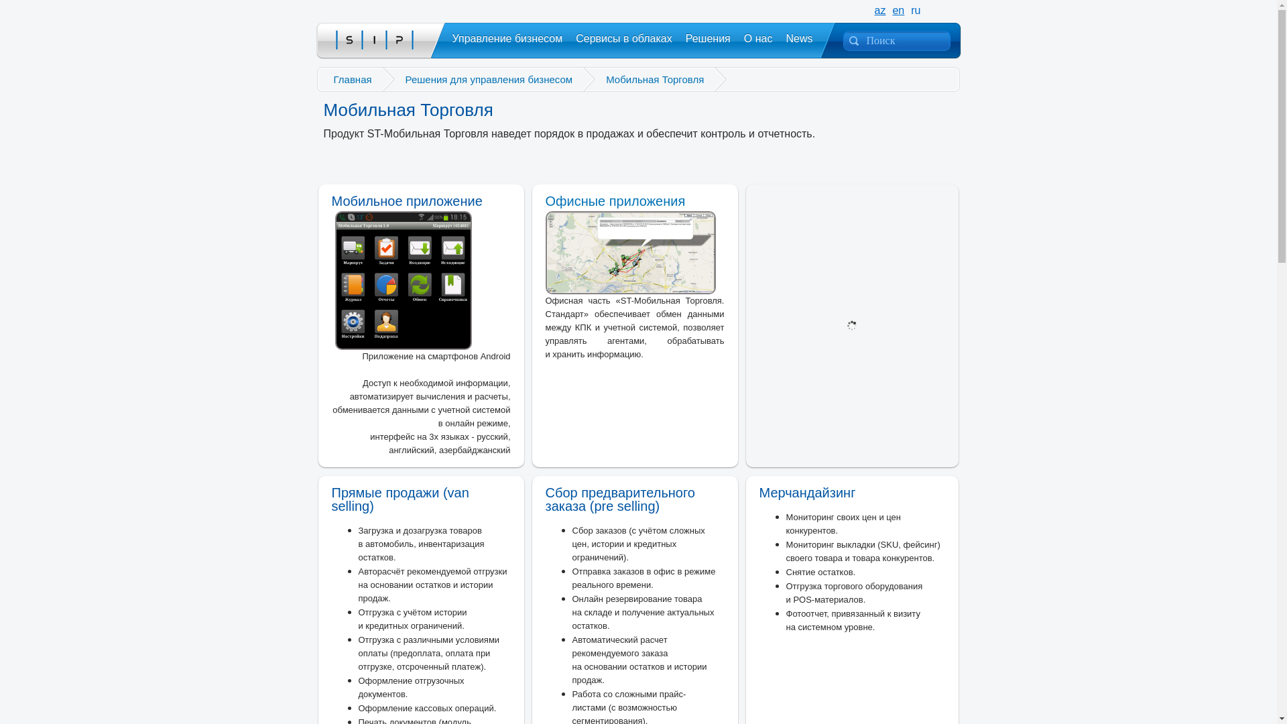  I want to click on 'en', so click(892, 10).